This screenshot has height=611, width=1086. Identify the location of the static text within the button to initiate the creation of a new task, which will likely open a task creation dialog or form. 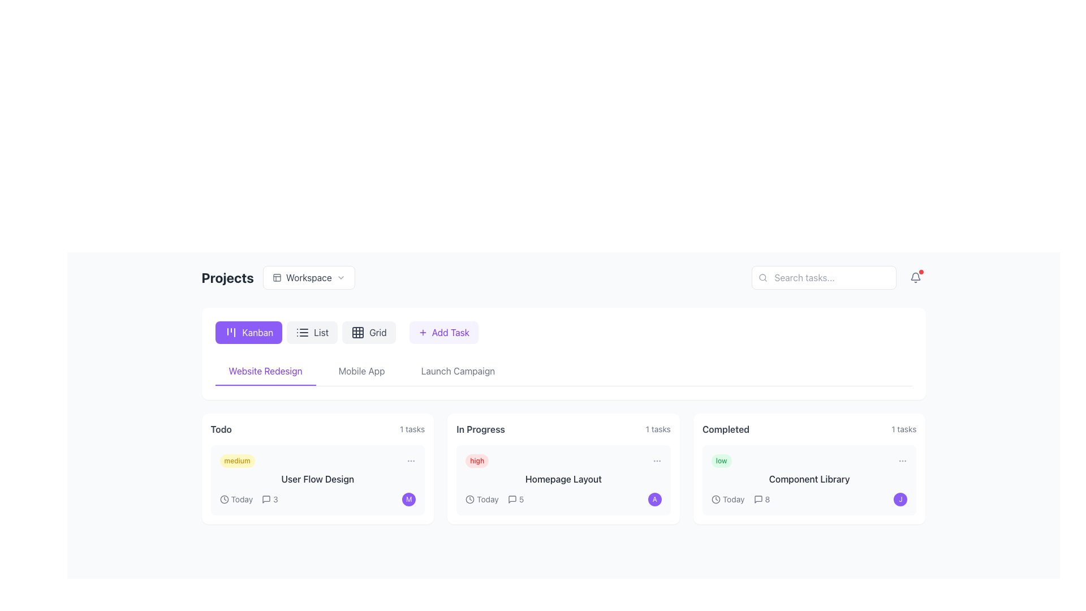
(450, 332).